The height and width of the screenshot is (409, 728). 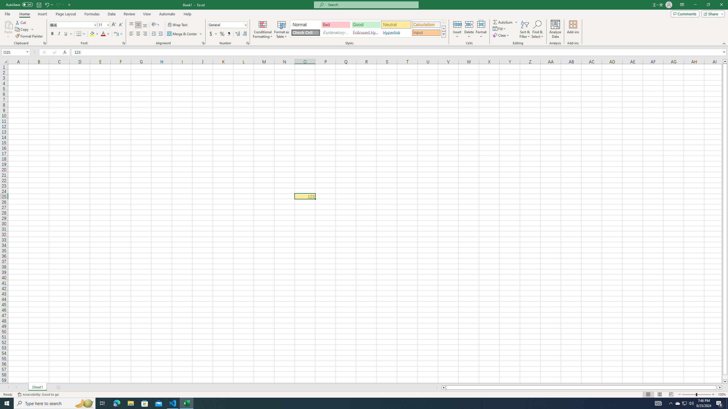 I want to click on 'Cell Styles', so click(x=444, y=34).